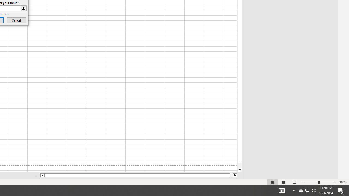  I want to click on 'Page down', so click(240, 165).